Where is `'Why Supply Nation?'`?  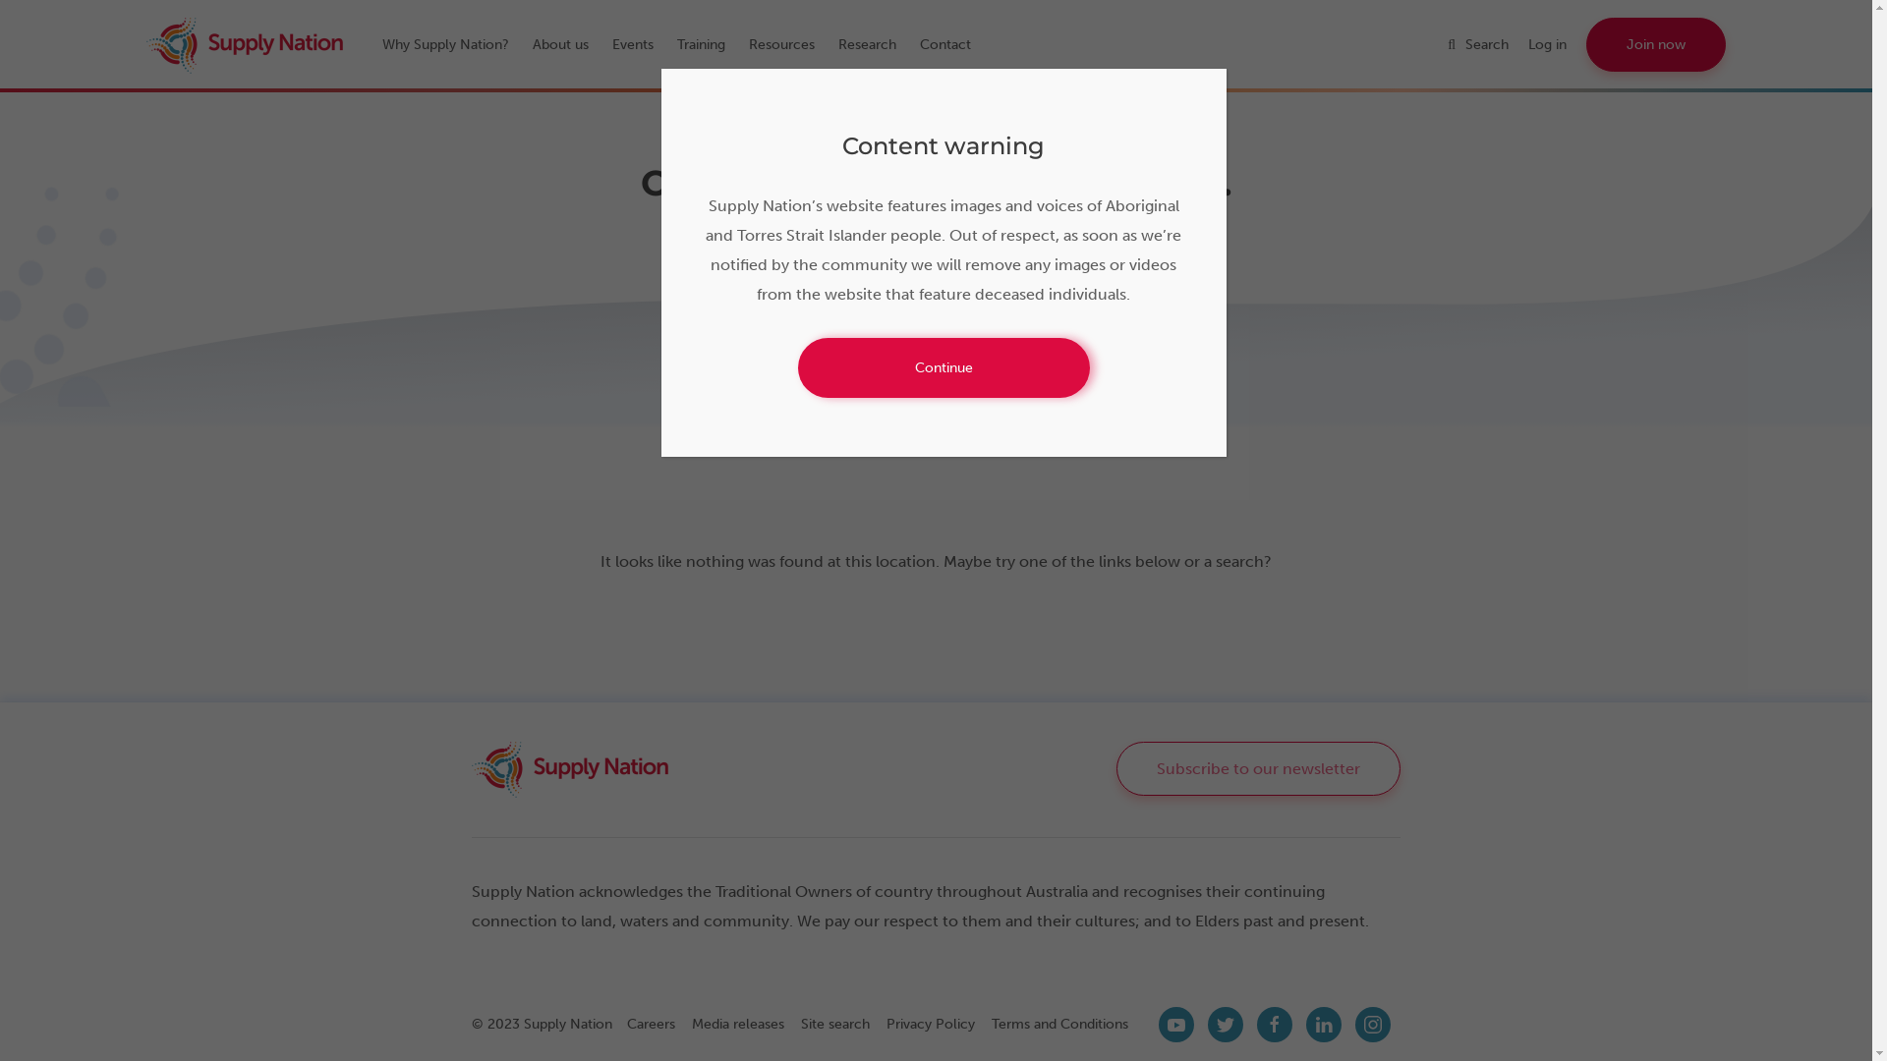 'Why Supply Nation?' is located at coordinates (454, 44).